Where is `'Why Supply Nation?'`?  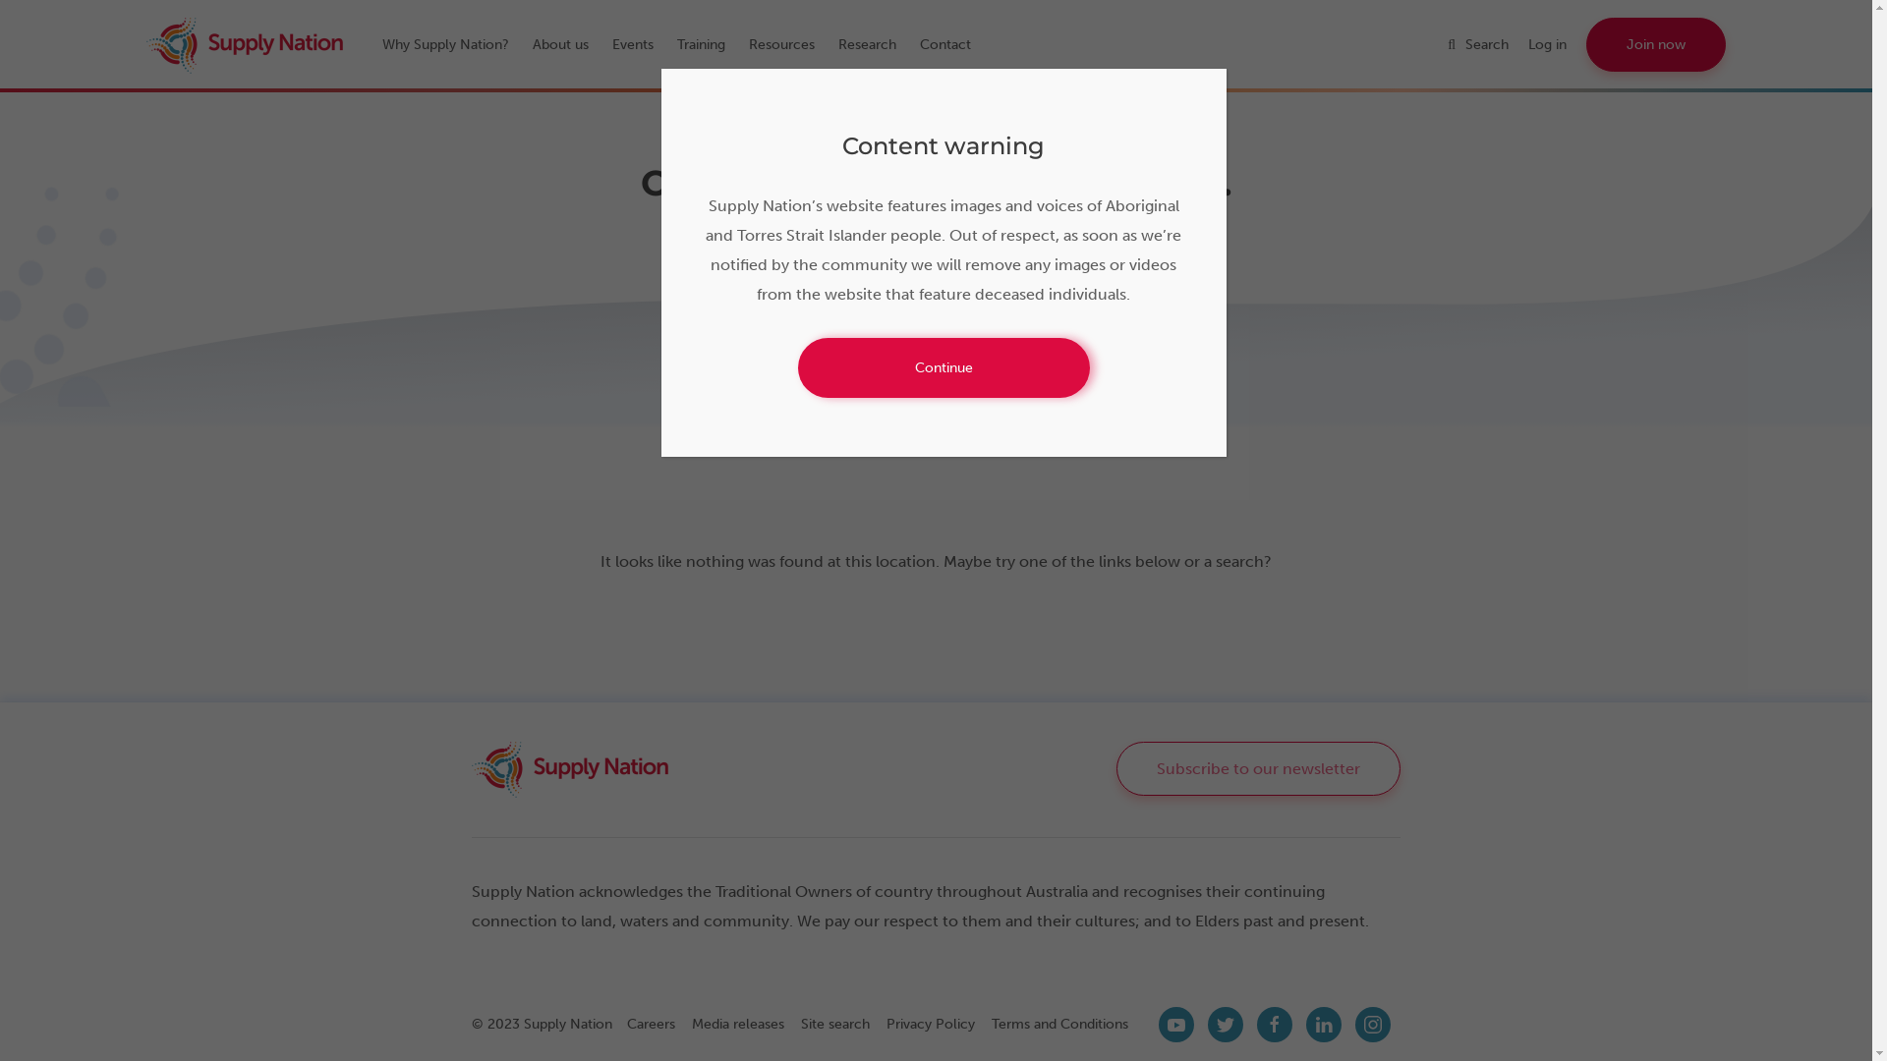 'Why Supply Nation?' is located at coordinates (454, 44).